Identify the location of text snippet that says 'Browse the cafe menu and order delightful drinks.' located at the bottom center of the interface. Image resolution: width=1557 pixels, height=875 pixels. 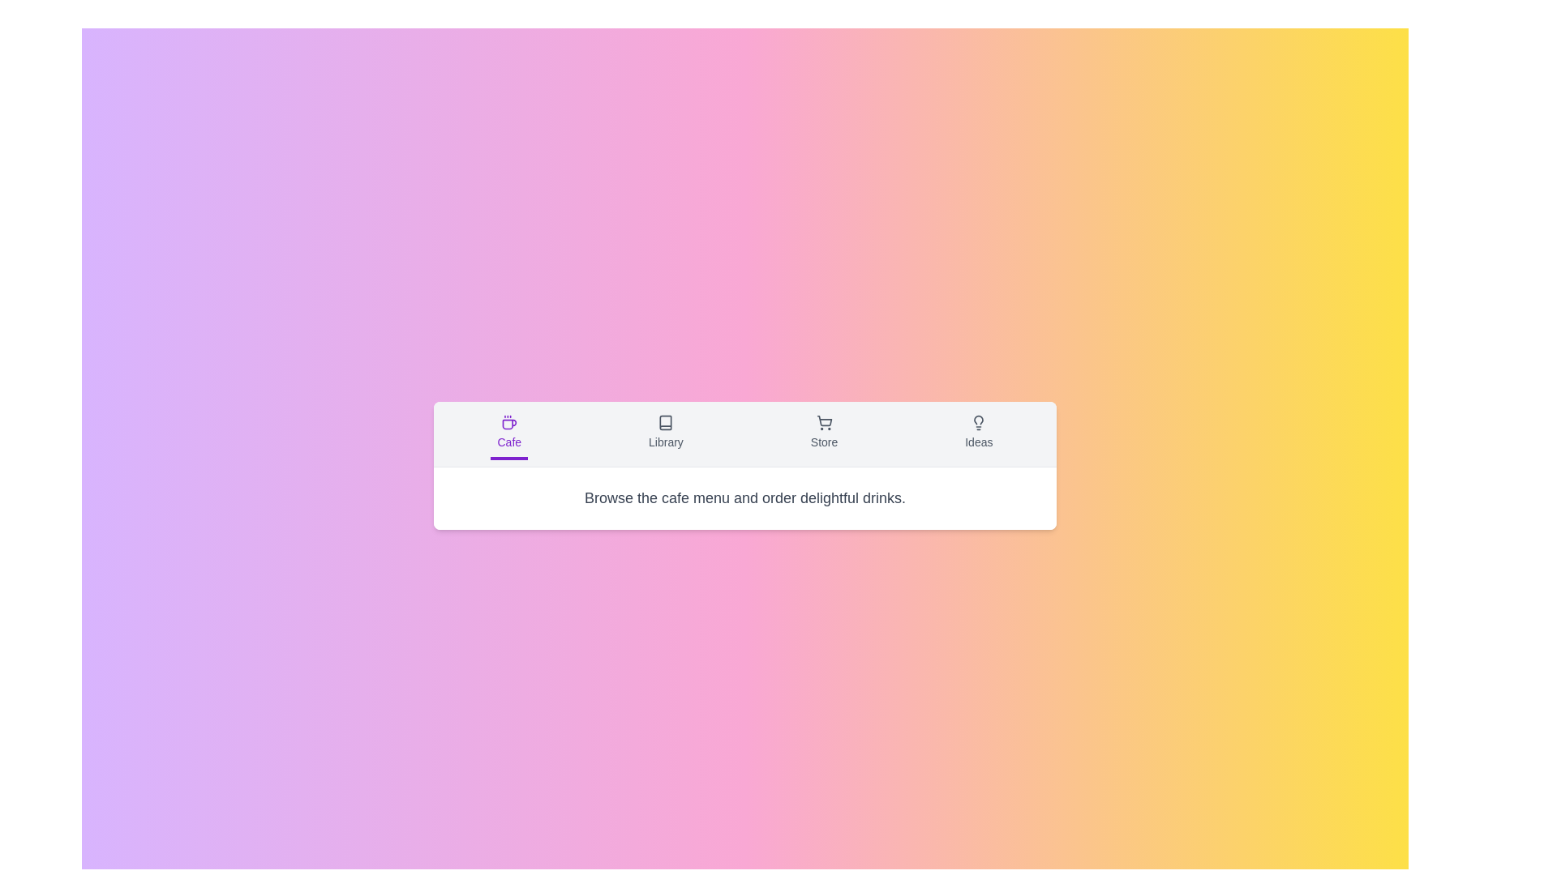
(744, 497).